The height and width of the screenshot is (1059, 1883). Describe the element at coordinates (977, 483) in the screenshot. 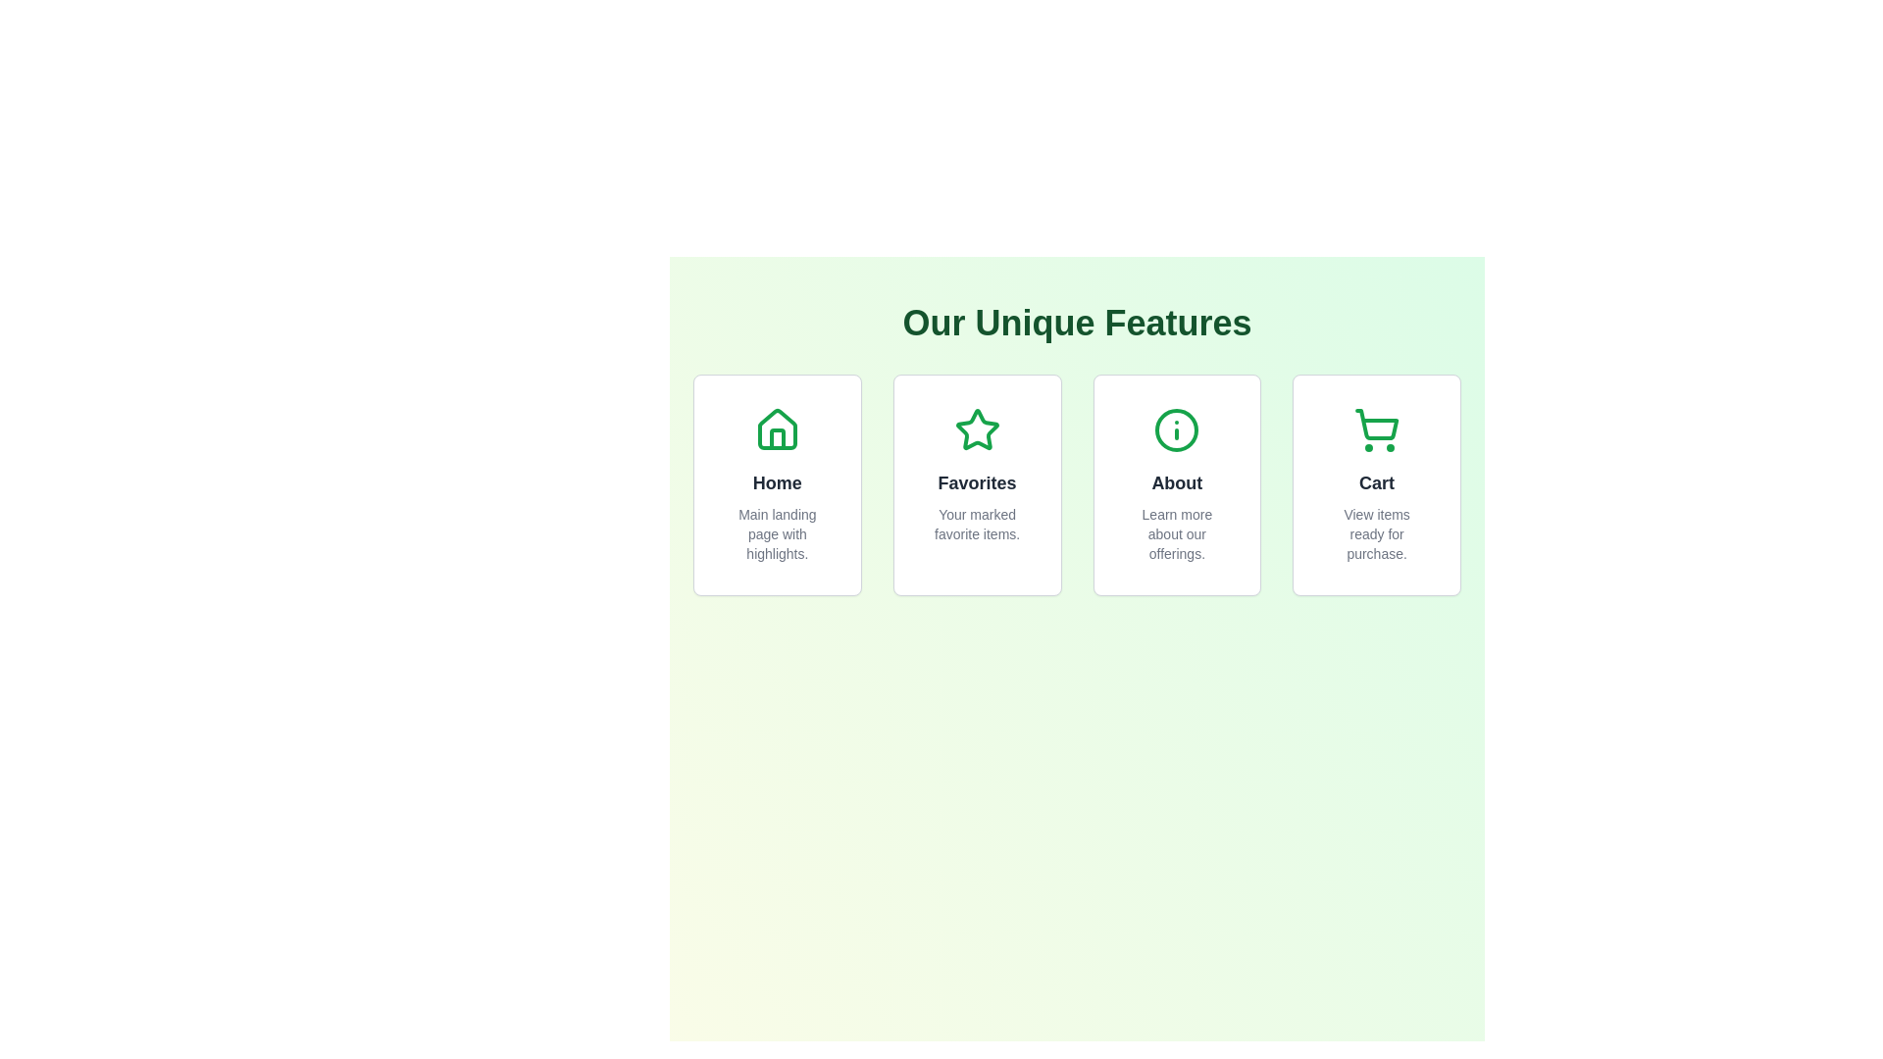

I see `the static text label 'Favorites', which is styled with a bold font and positioned centrally within a card layout` at that location.